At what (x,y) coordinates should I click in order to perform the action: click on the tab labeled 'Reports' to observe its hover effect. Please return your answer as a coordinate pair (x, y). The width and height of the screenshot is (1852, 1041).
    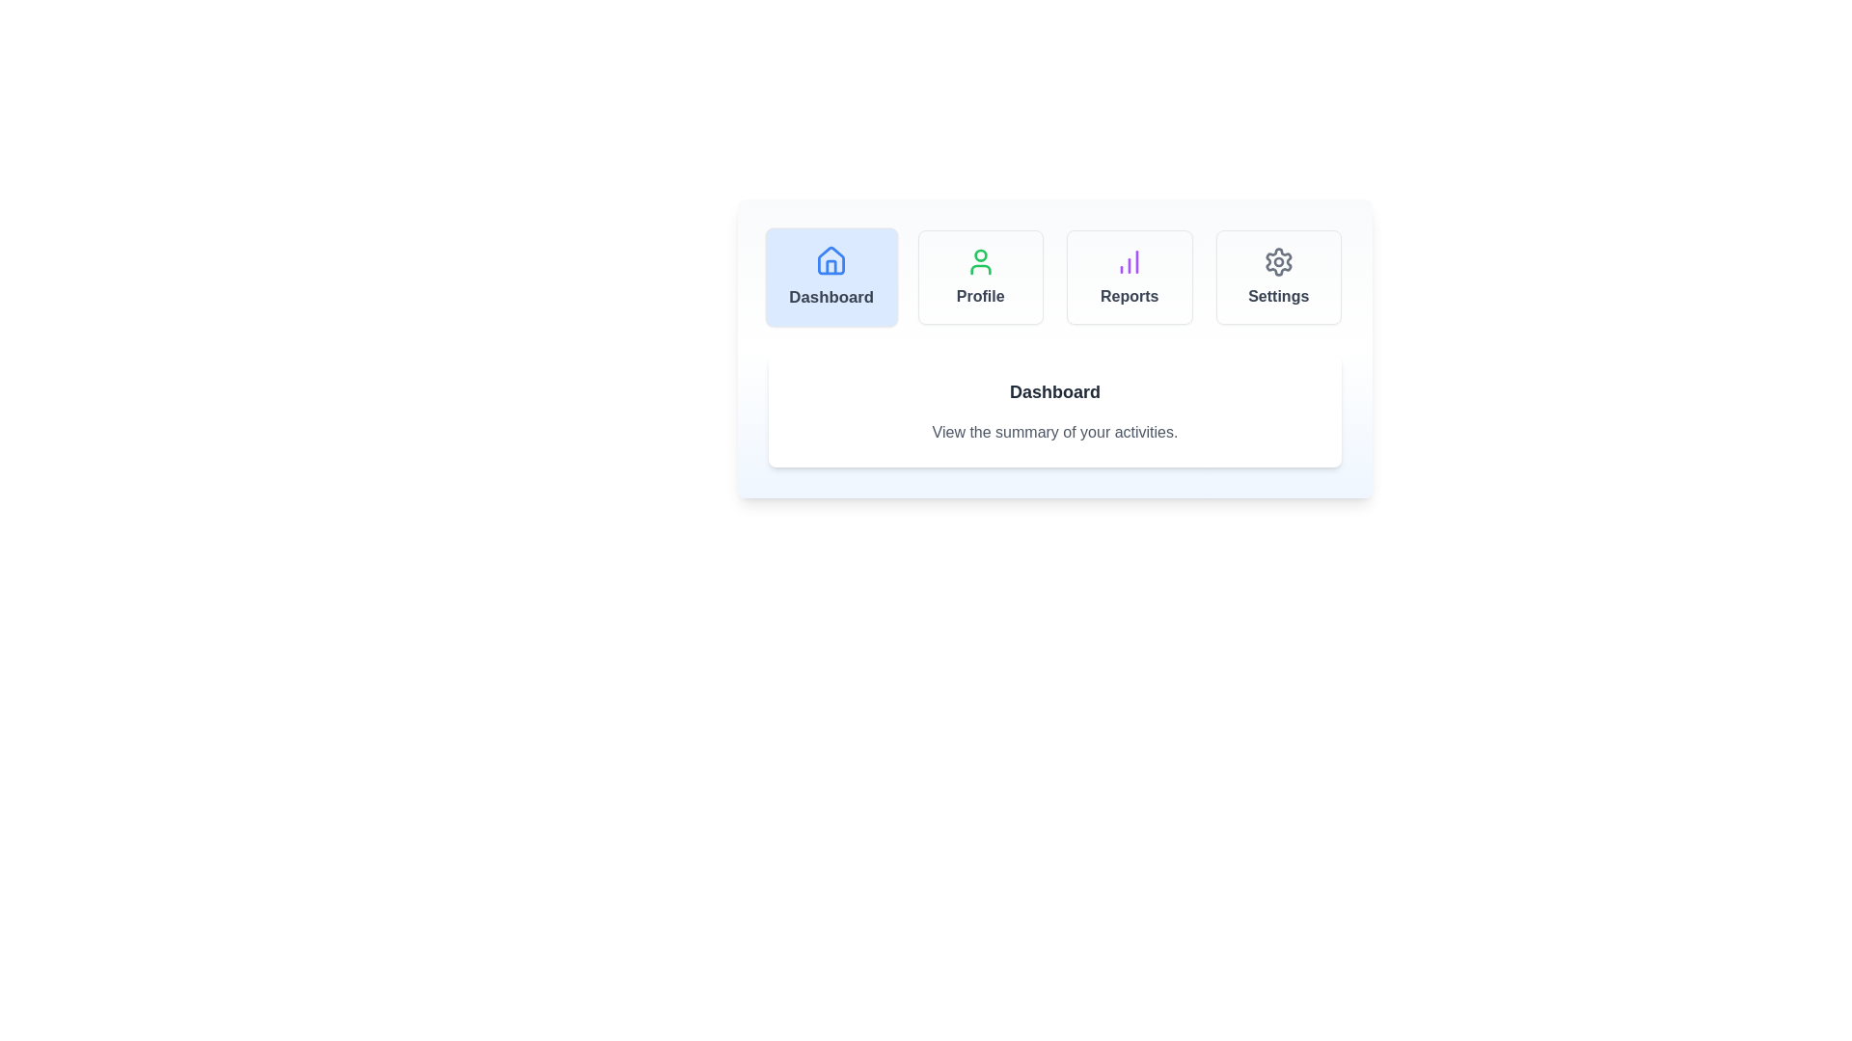
    Looking at the image, I should click on (1130, 278).